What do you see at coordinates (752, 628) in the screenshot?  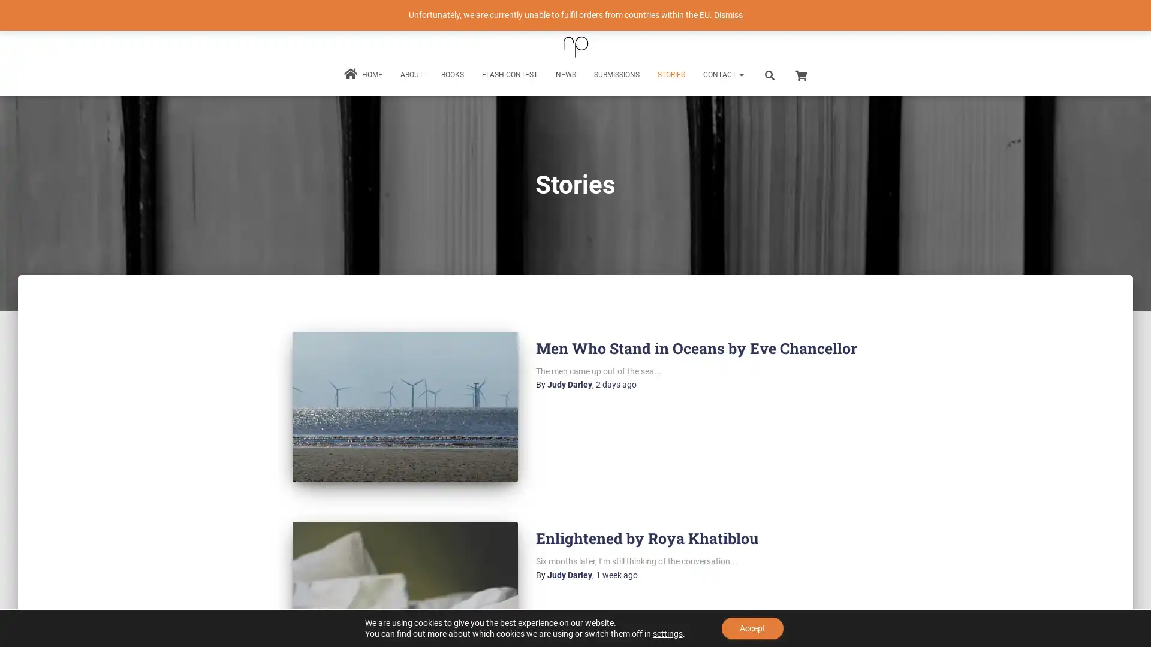 I see `Accept` at bounding box center [752, 628].